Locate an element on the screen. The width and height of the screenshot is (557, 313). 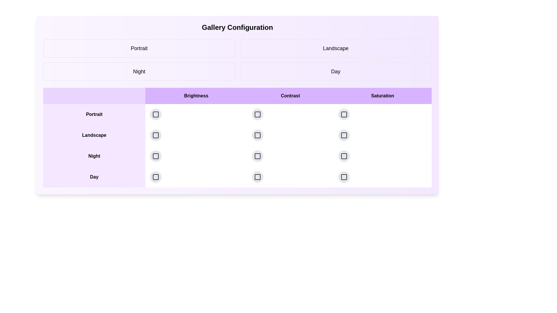
the checkbox located in the 'Saturation' column and 'Night' row is located at coordinates (344, 156).